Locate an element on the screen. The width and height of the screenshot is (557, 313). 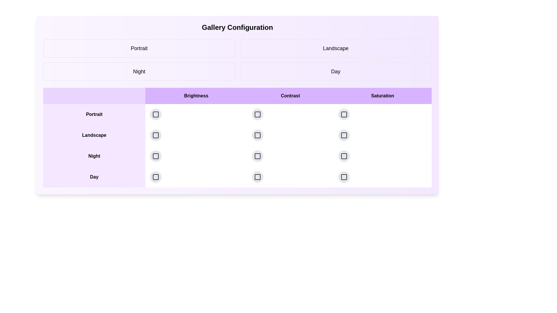
the checkbox located in the 'Saturation' column and 'Night' row is located at coordinates (344, 156).